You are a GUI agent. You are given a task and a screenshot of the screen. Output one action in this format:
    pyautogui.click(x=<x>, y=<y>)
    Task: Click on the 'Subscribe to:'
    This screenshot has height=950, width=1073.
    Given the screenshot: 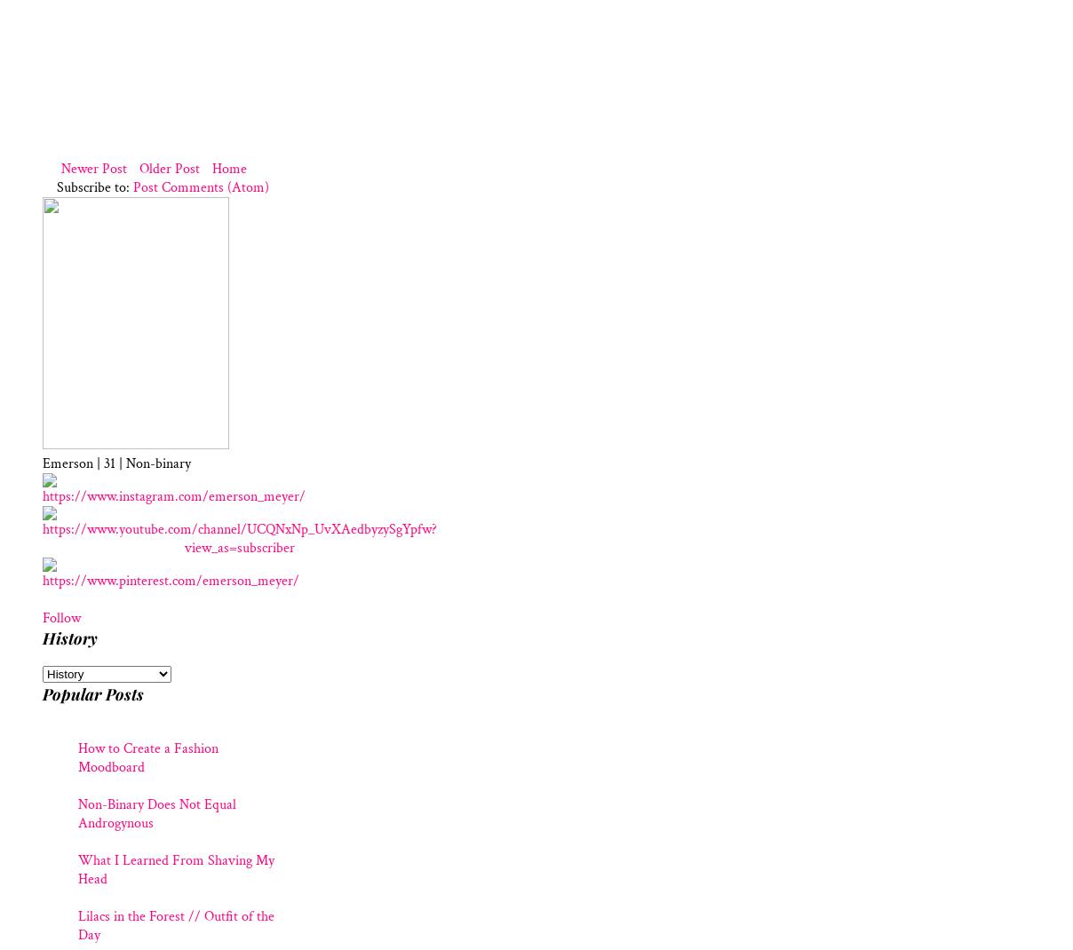 What is the action you would take?
    pyautogui.click(x=94, y=186)
    